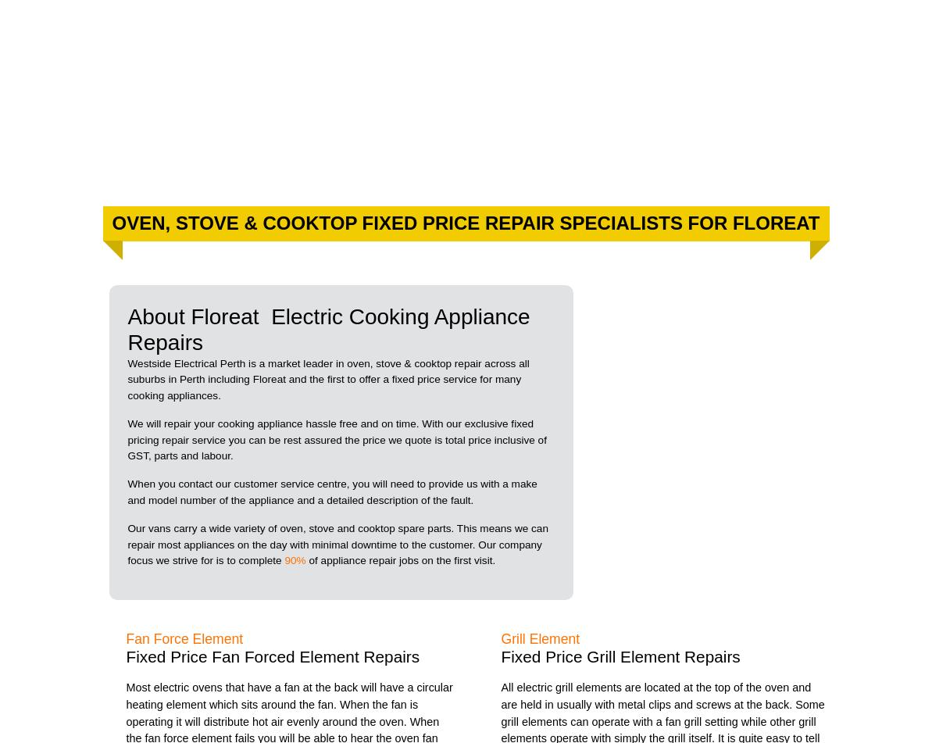 The height and width of the screenshot is (743, 932). Describe the element at coordinates (327, 378) in the screenshot. I see `'Westside Electrical Perth is a market leader in oven, stove & cooktop repair across all suburbs in Perth including Floreat and the first to offer a fixed price service for many cooking appliances.'` at that location.